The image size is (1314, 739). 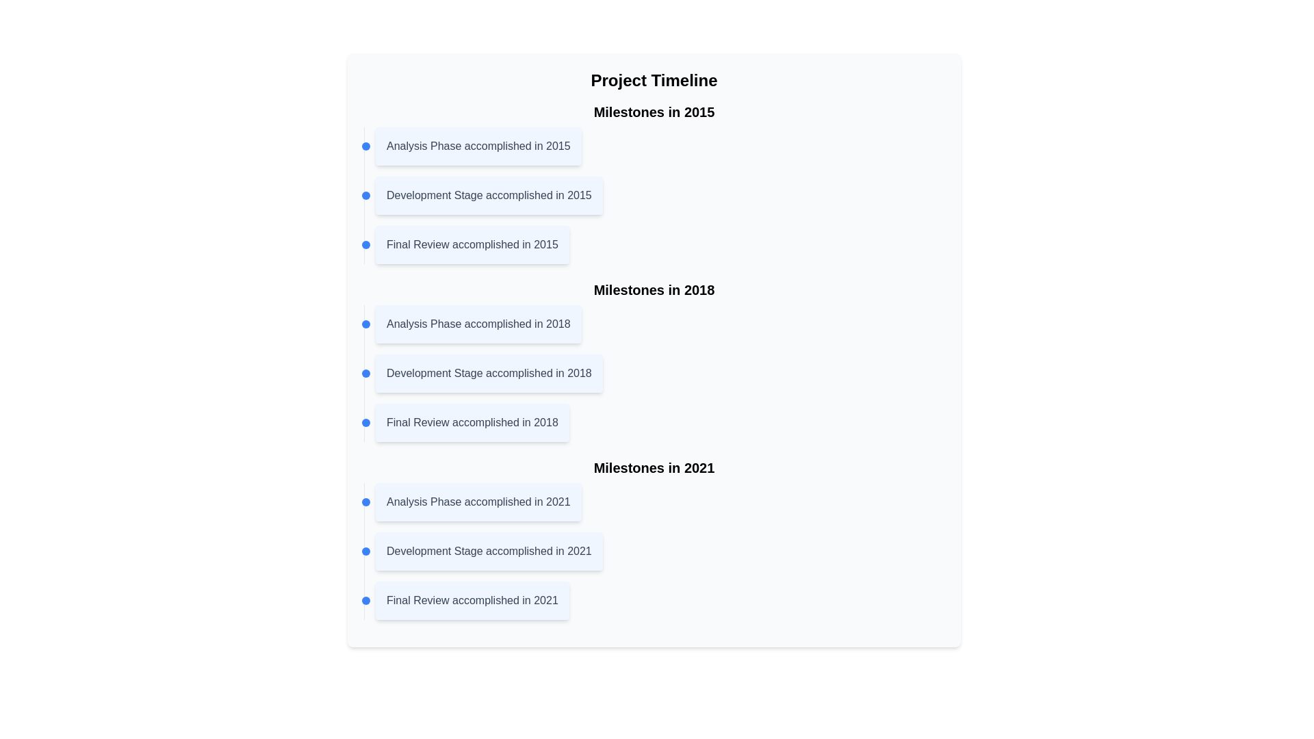 What do you see at coordinates (478, 502) in the screenshot?
I see `the text label displaying 'Analysis Phase accomplished in 2021' located in the 'Milestones in 2021' section, positioned between 'Milestones in 2018' and 'Development Stage accomplished in 2021'` at bounding box center [478, 502].